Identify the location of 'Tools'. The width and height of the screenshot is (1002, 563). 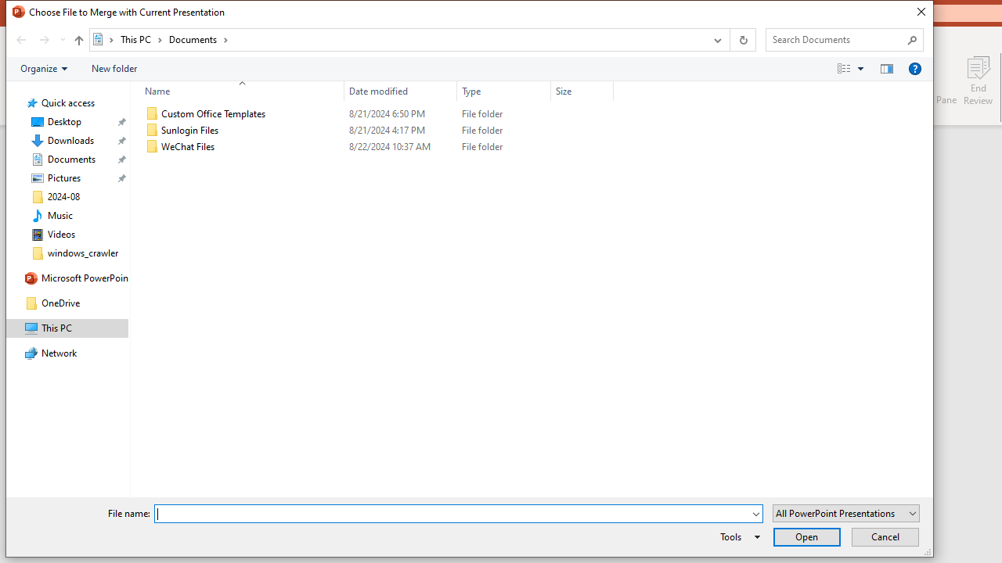
(737, 536).